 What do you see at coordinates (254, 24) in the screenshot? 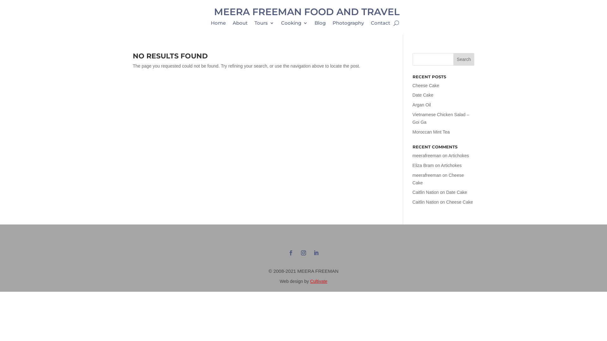
I see `'Tours'` at bounding box center [254, 24].